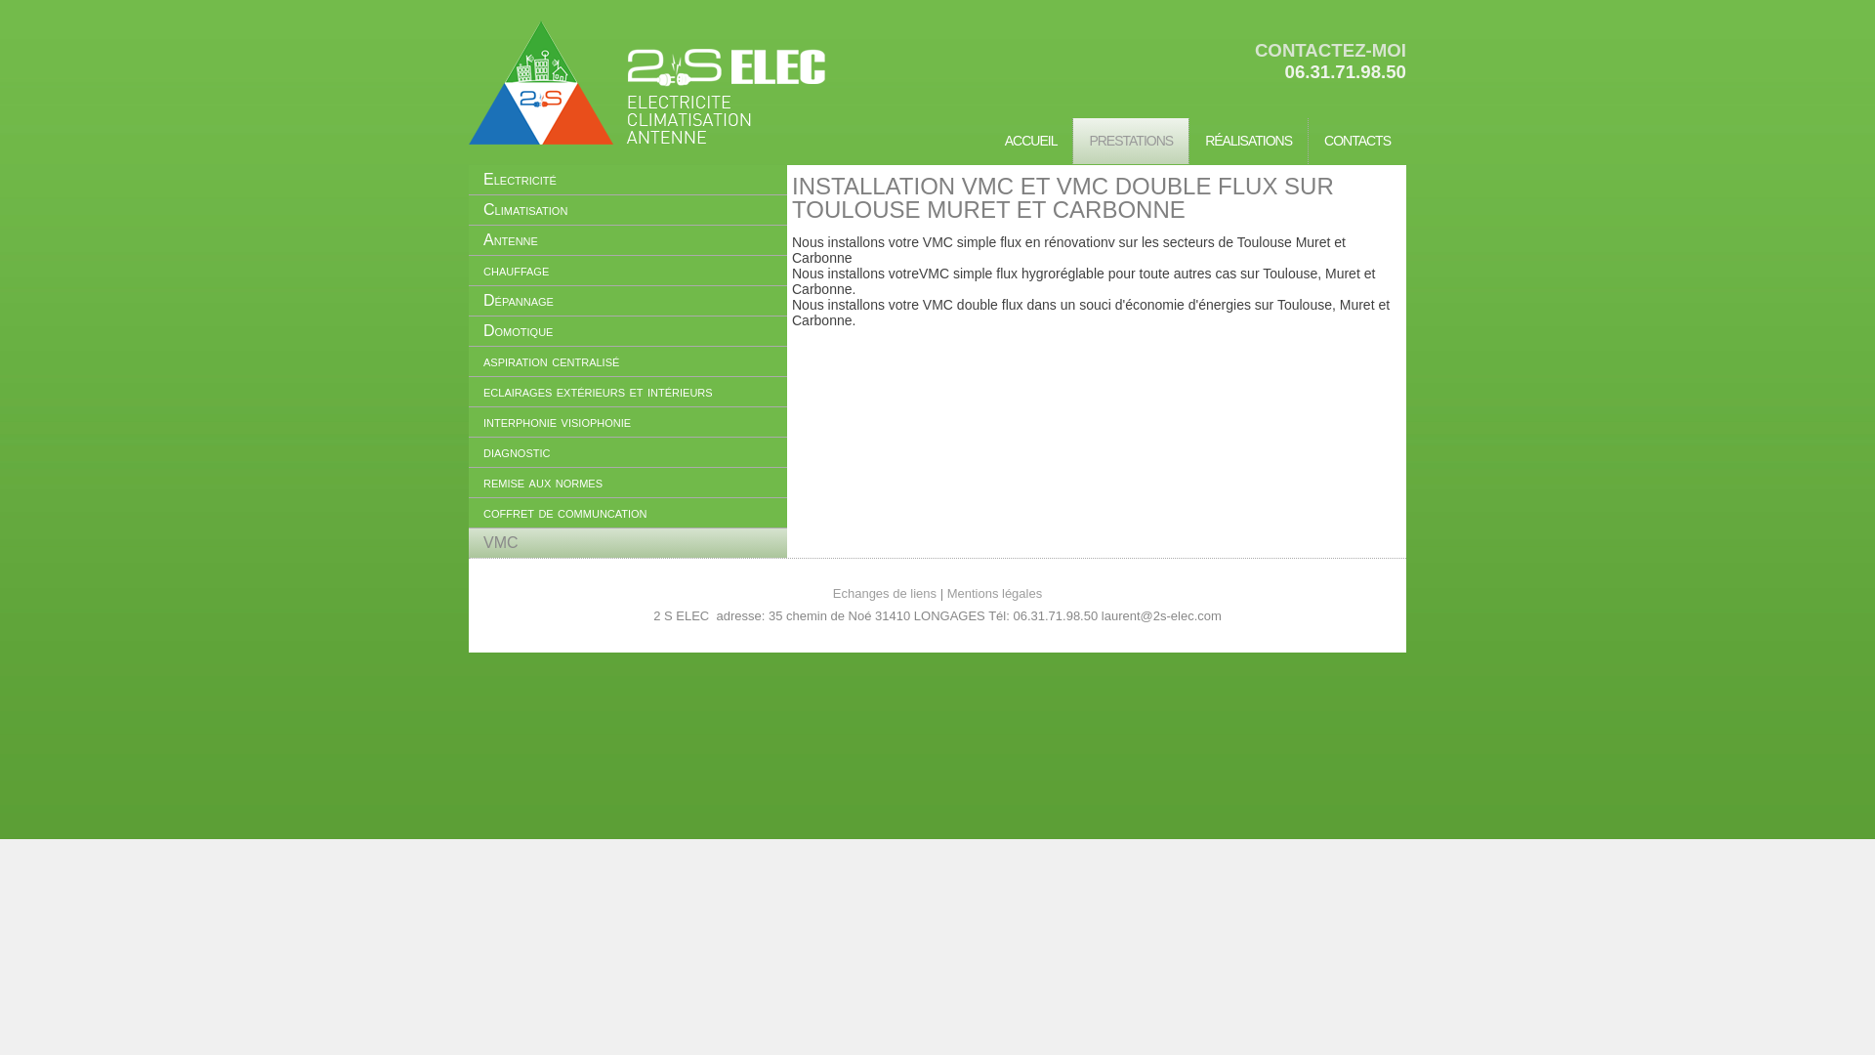 The image size is (1875, 1055). I want to click on 'PRESTATIONS', so click(1130, 140).